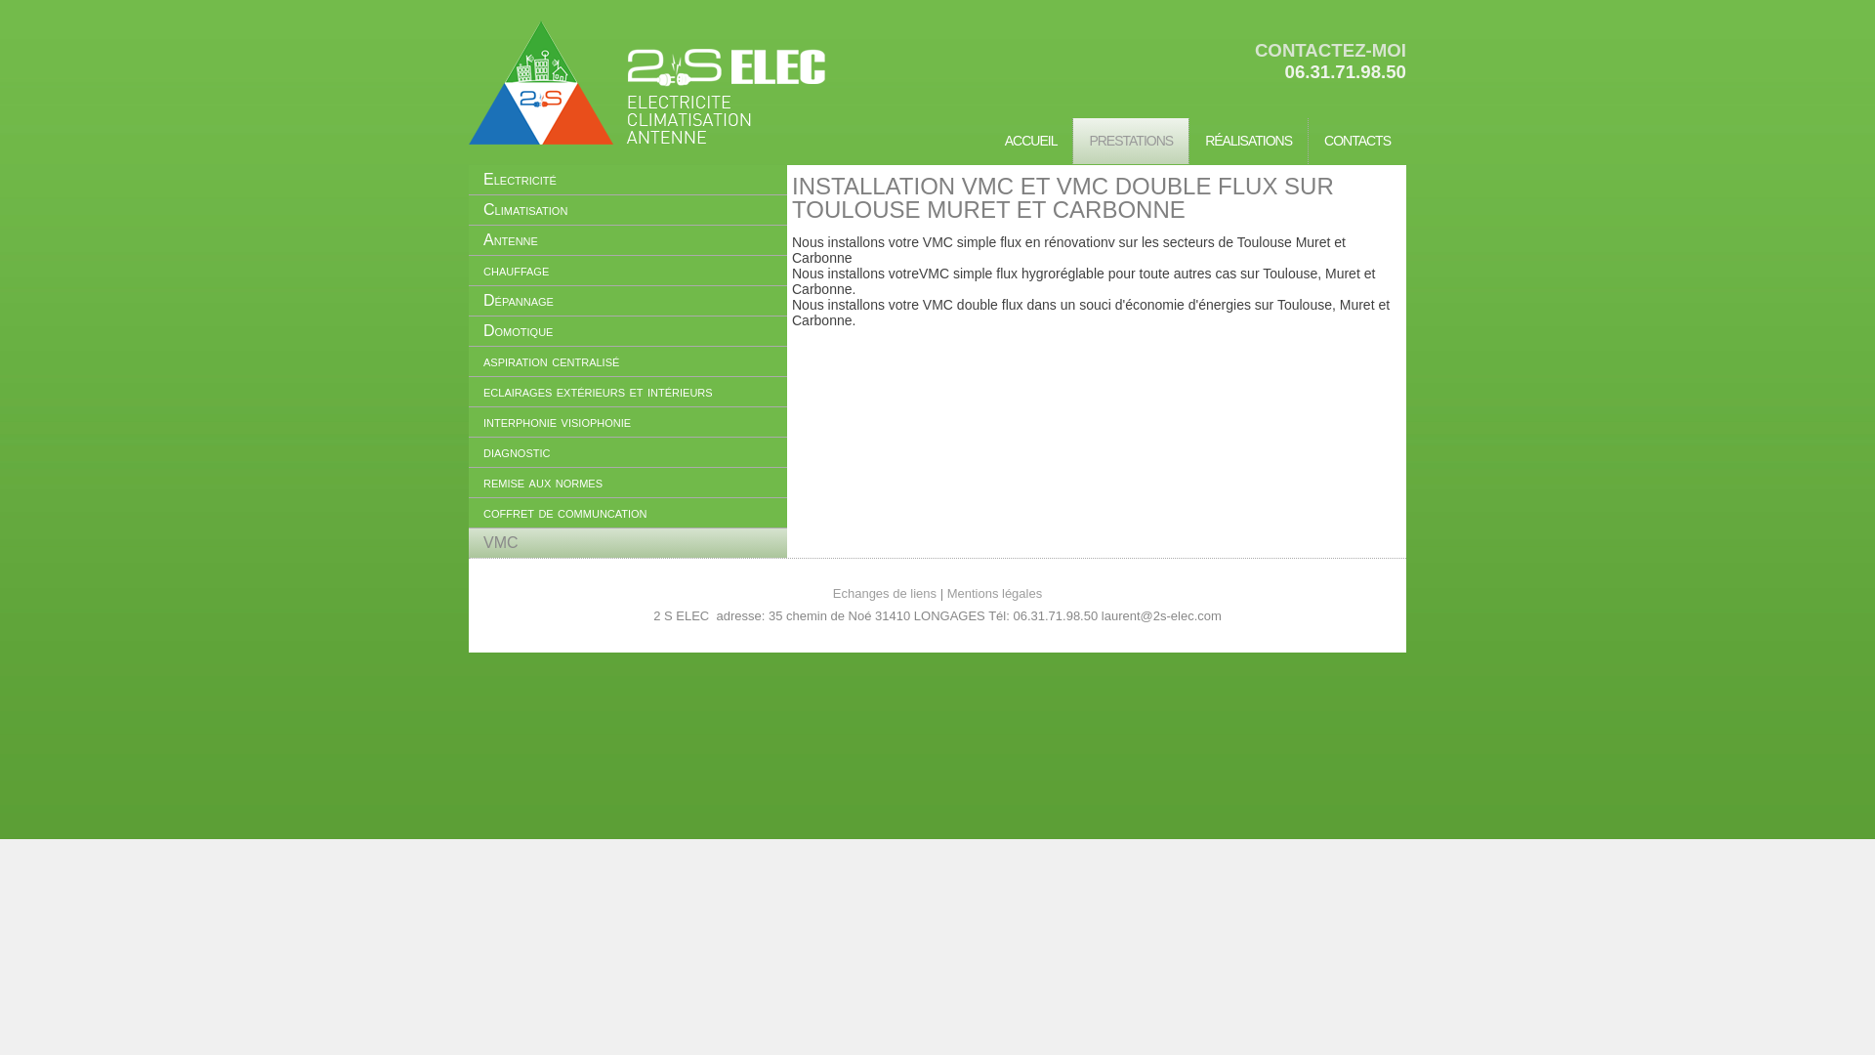 The image size is (1875, 1055). I want to click on 'PRESTATIONS', so click(1130, 140).